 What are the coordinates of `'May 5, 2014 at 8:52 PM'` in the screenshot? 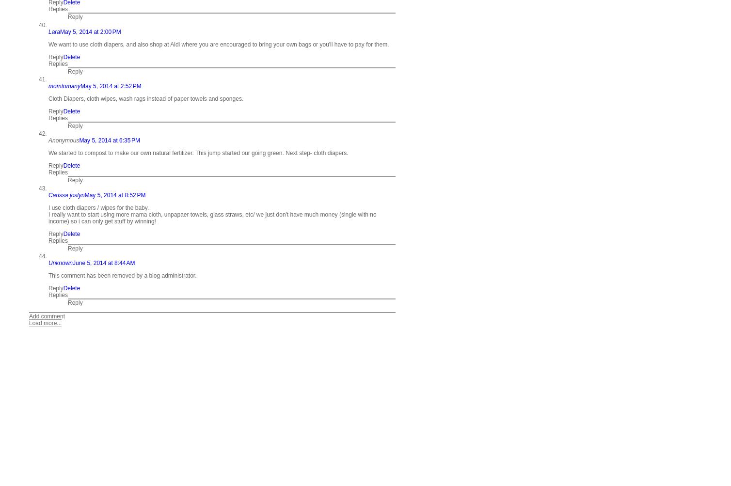 It's located at (114, 195).